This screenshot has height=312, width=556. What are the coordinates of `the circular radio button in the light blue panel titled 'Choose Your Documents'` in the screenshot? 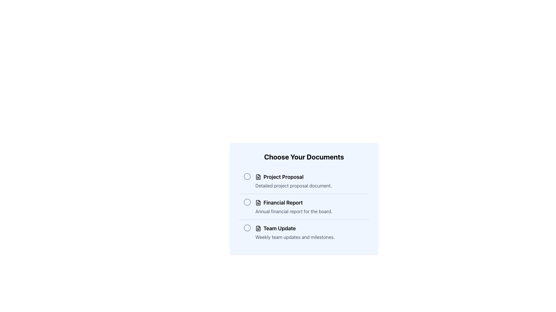 It's located at (304, 198).